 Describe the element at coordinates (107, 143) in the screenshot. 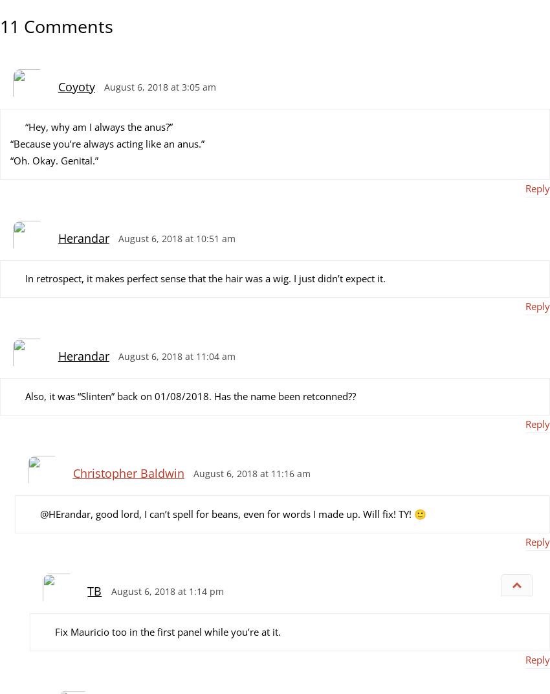

I see `'“Because you’re always acting like an anus.”'` at that location.